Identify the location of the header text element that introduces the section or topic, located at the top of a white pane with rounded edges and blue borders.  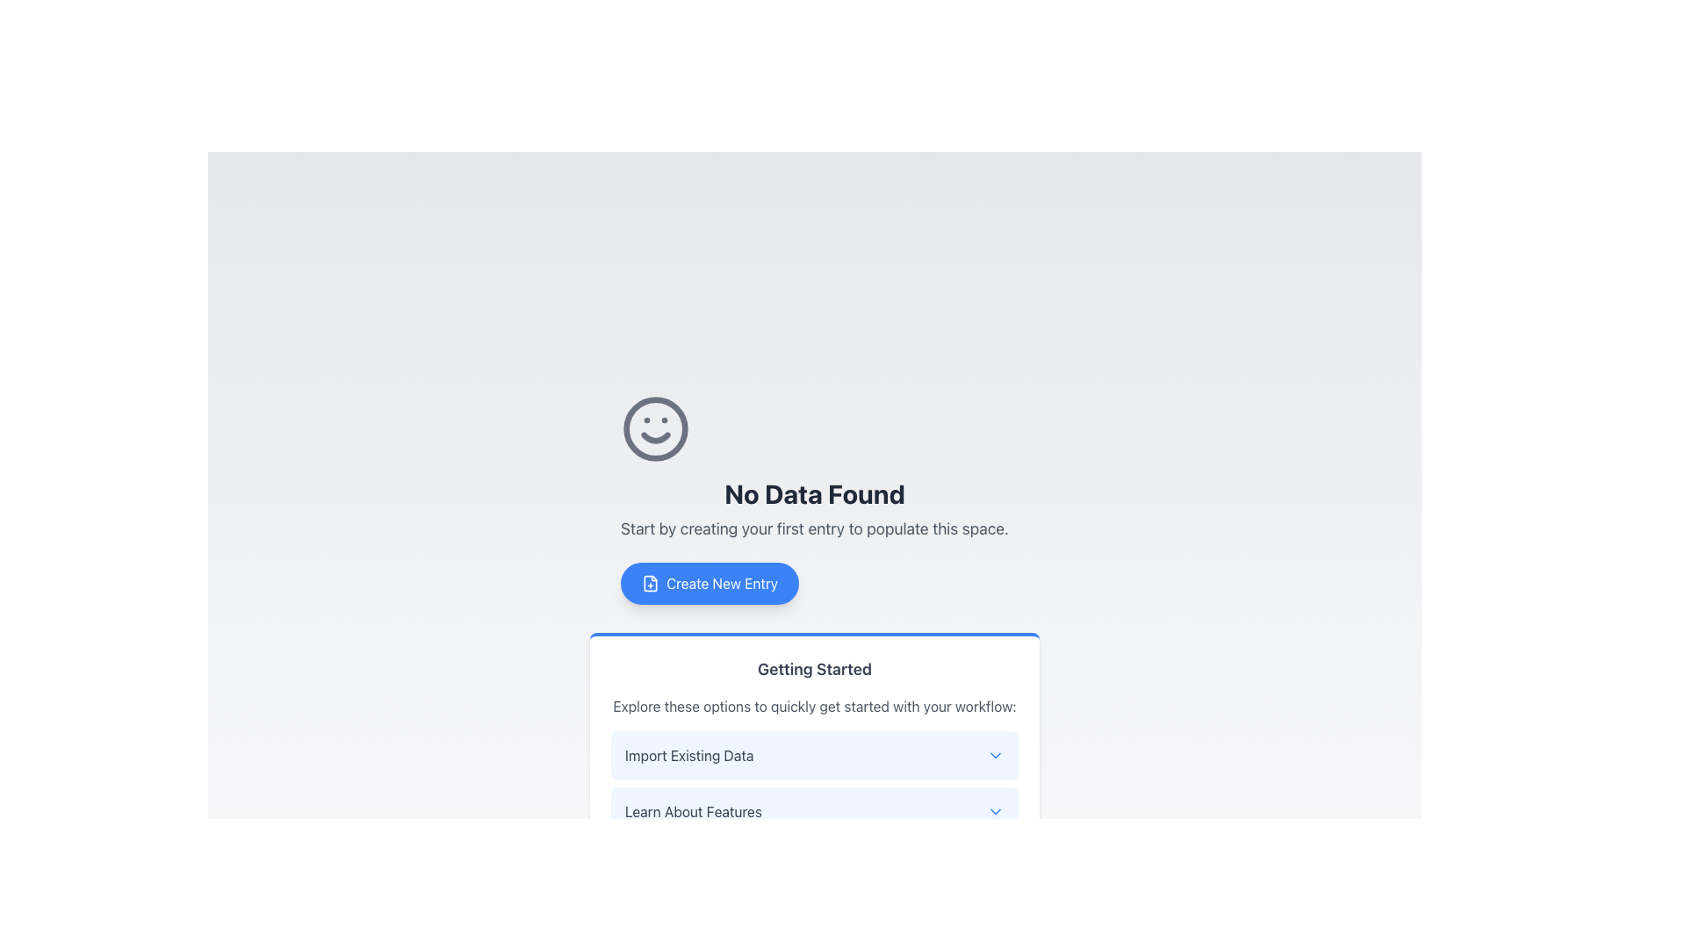
(813, 670).